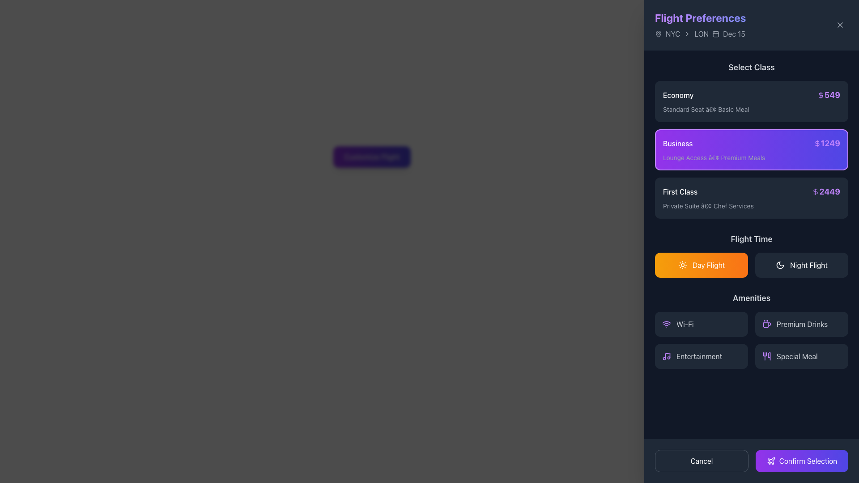 The height and width of the screenshot is (483, 859). Describe the element at coordinates (685, 324) in the screenshot. I see `the 'Wi-Fi' text label, which is styled in light gray and positioned next to a Wi-Fi signal icon in the Amenities section` at that location.